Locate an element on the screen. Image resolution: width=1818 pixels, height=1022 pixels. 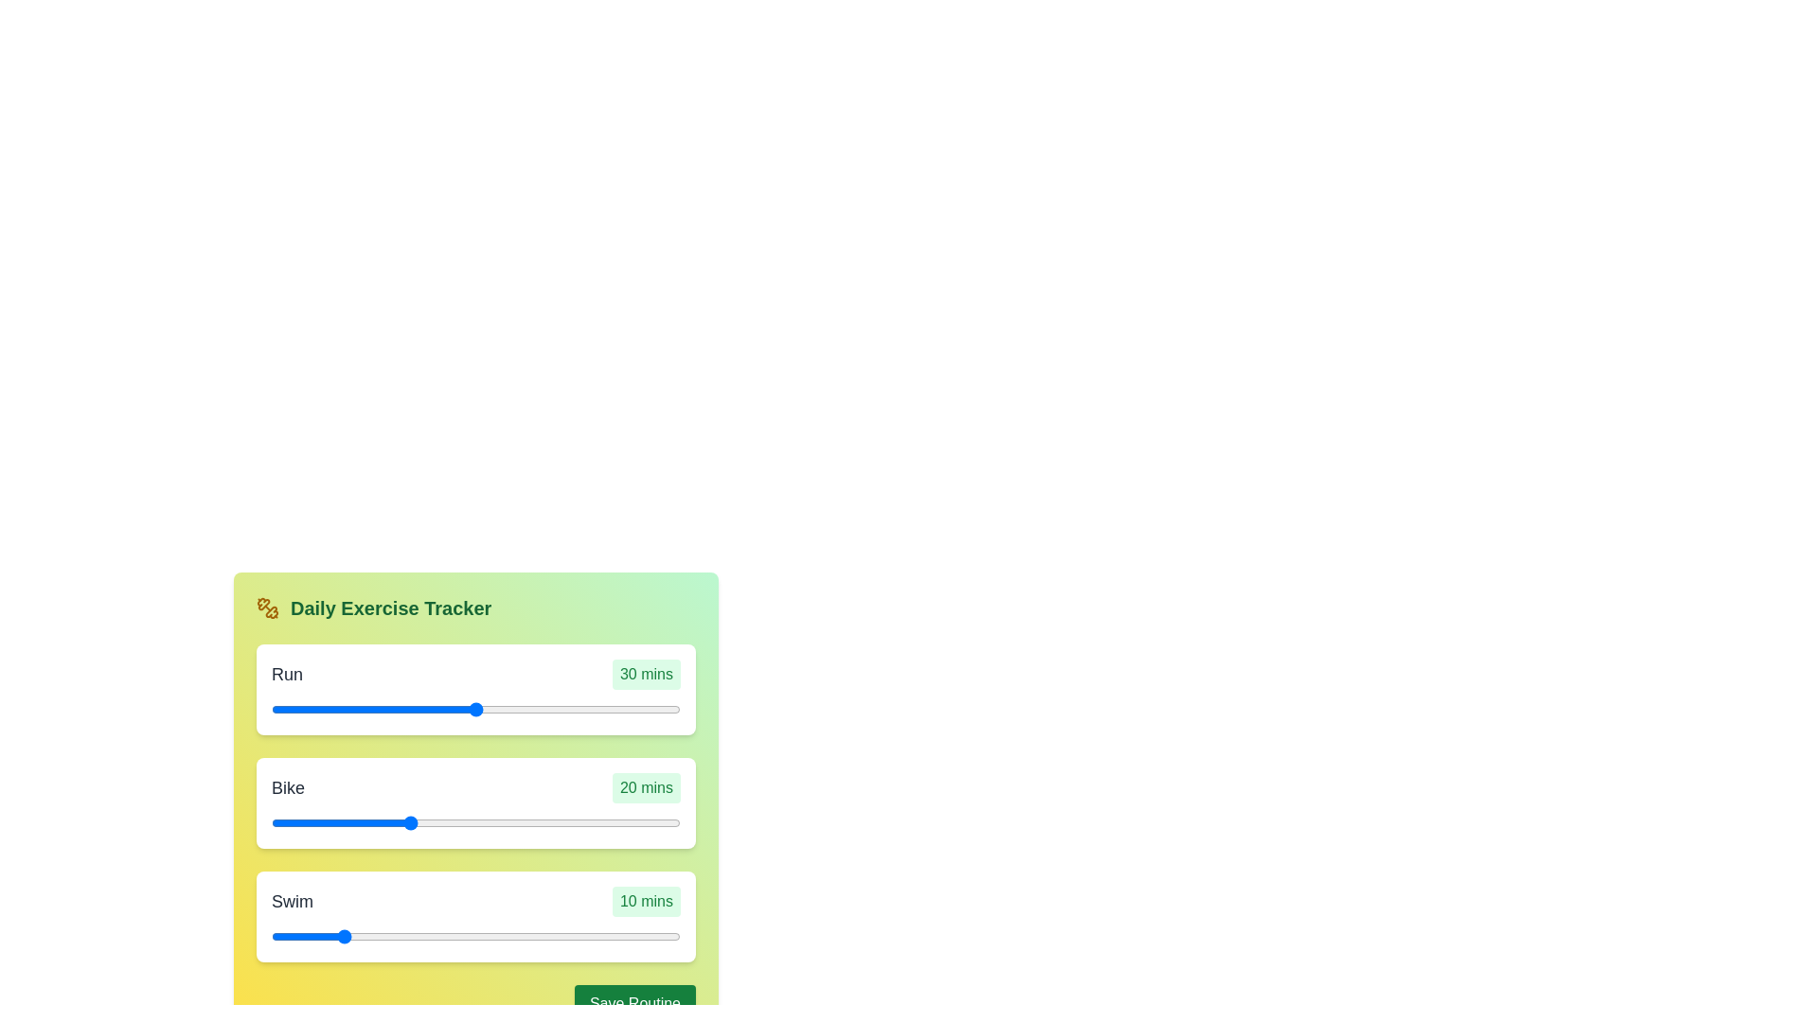
the duration of the 1 slider to 29 minutes is located at coordinates (574, 822).